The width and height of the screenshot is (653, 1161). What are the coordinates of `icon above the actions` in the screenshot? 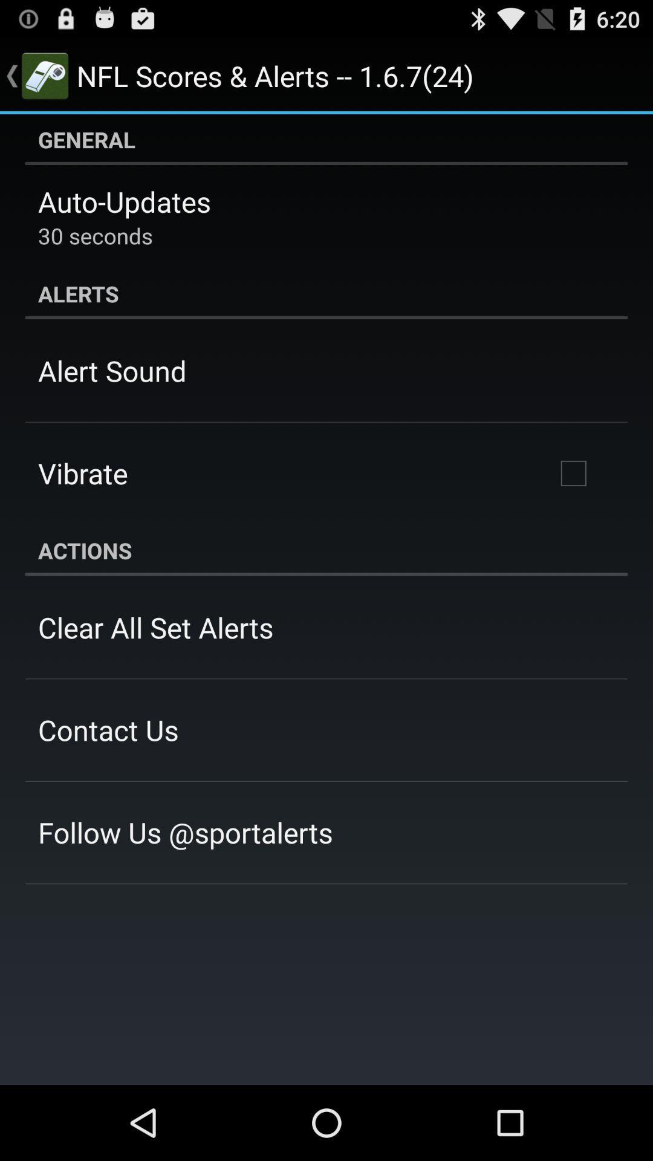 It's located at (573, 472).